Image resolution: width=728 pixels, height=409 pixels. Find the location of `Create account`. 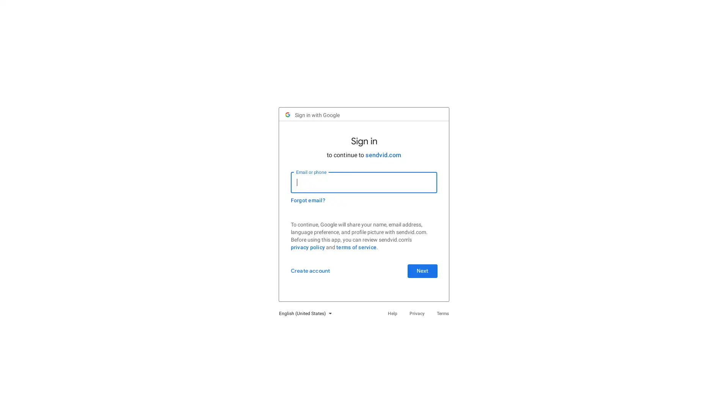

Create account is located at coordinates (314, 273).